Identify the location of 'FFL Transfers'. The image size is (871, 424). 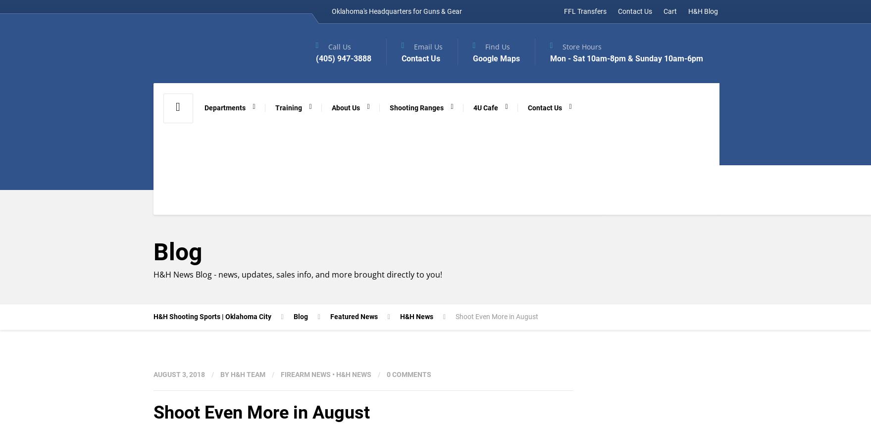
(584, 11).